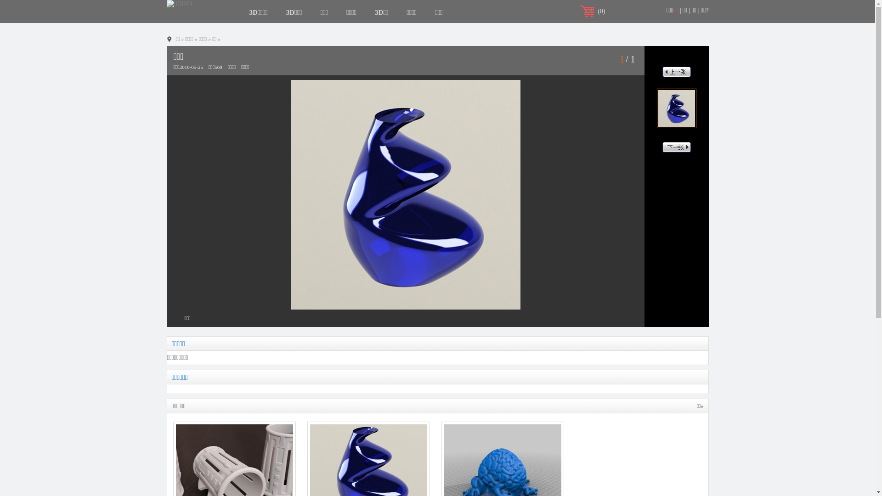 The image size is (882, 496). Describe the element at coordinates (601, 11) in the screenshot. I see `'(0)'` at that location.